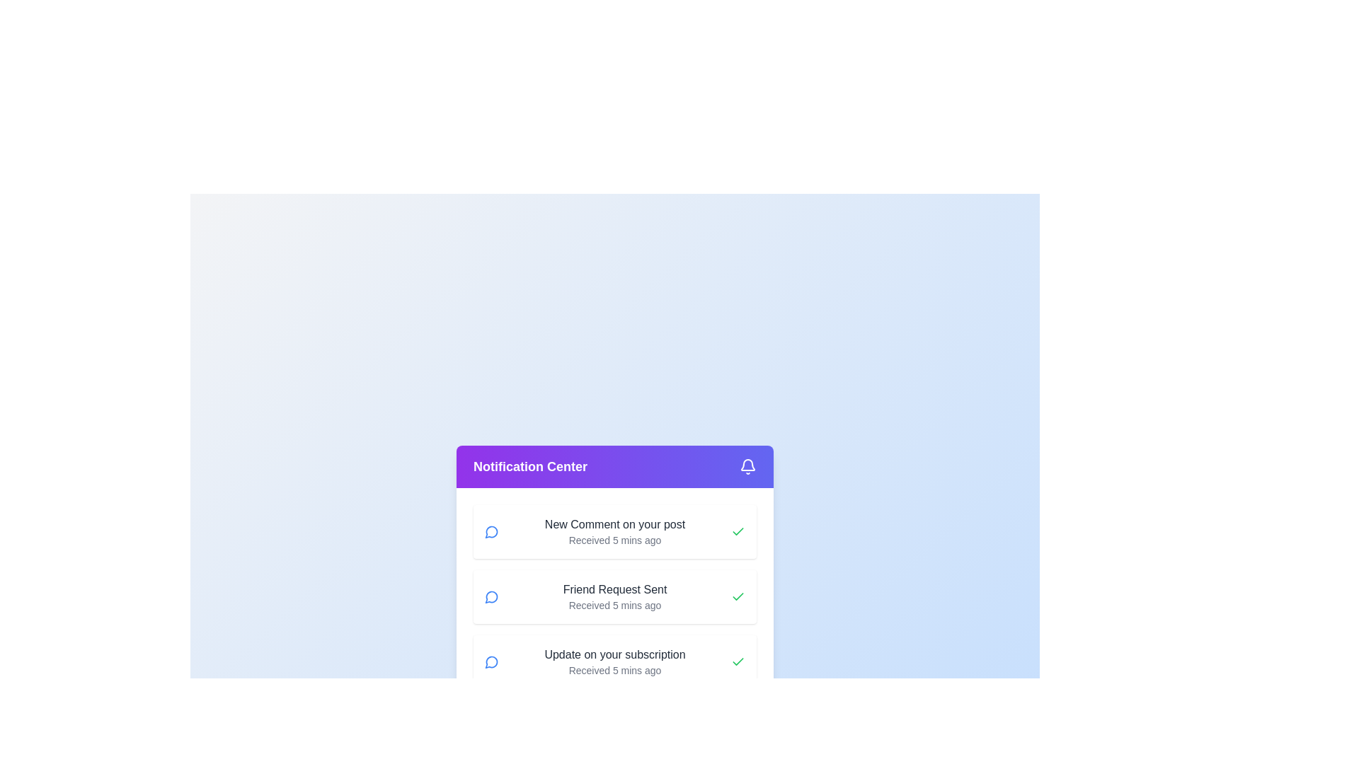  Describe the element at coordinates (737, 531) in the screenshot. I see `the green checkmark icon located in the second notification card below the 'Notification Center' header` at that location.